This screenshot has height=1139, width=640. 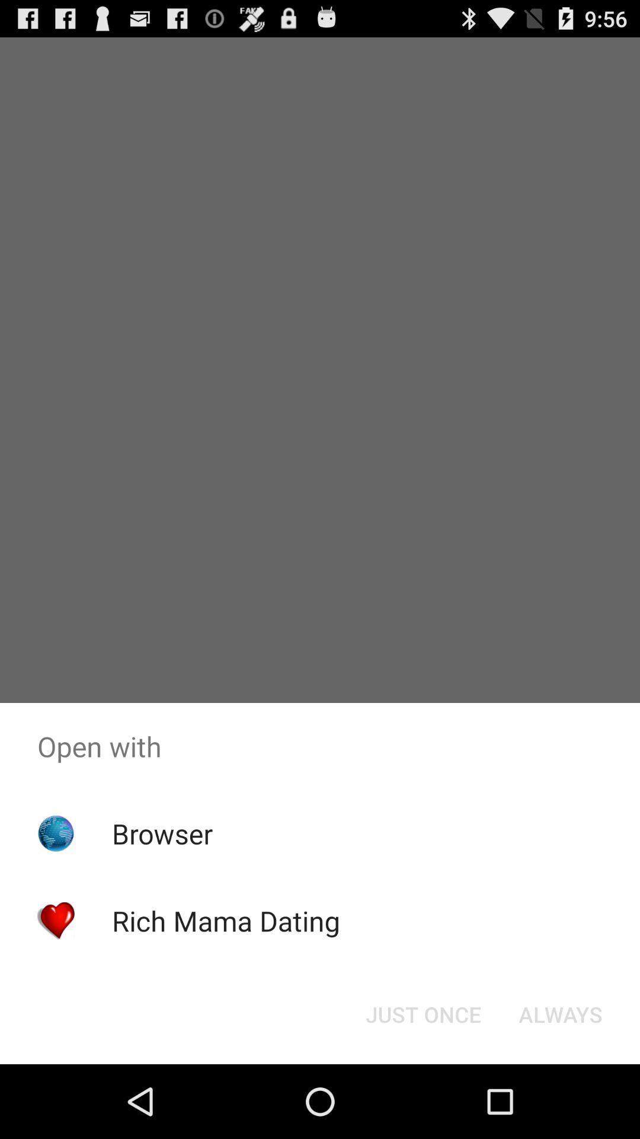 I want to click on button to the right of just once, so click(x=560, y=1013).